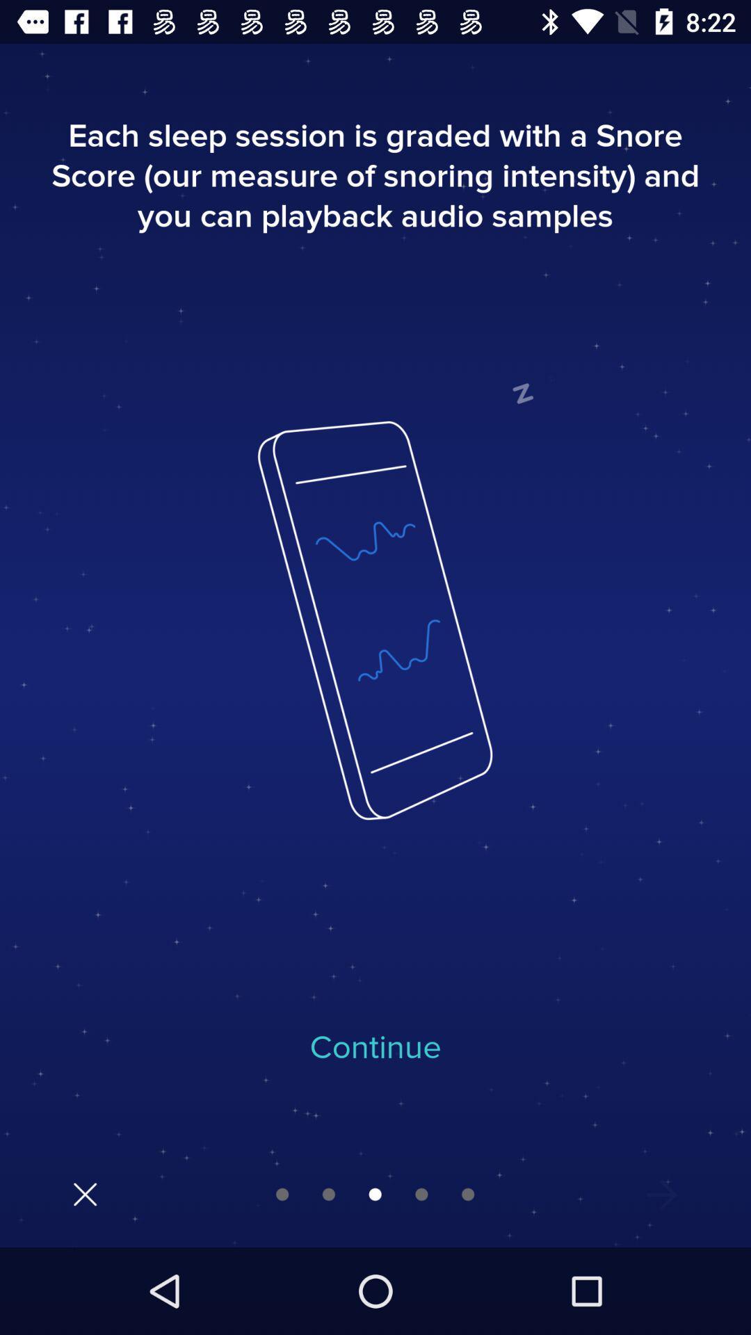 The height and width of the screenshot is (1335, 751). Describe the element at coordinates (375, 1048) in the screenshot. I see `the continue button` at that location.